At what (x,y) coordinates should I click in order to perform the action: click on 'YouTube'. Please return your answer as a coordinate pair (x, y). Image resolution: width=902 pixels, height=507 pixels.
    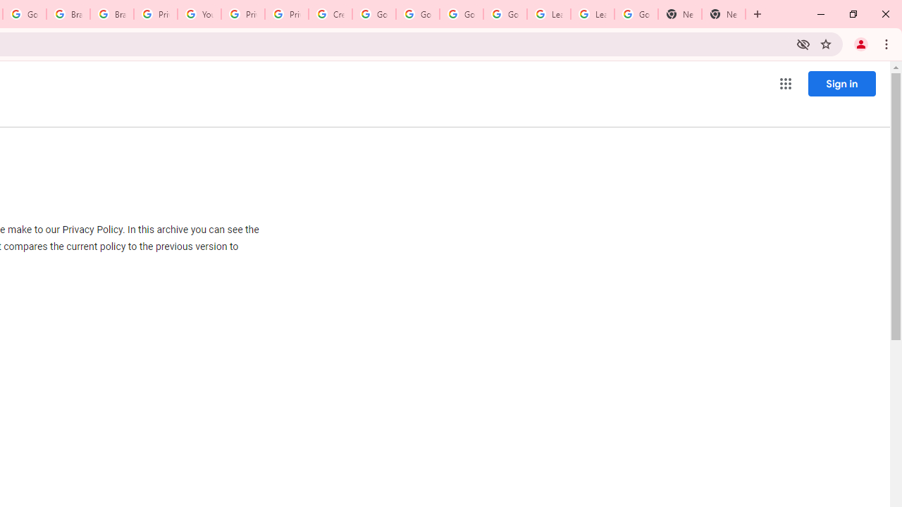
    Looking at the image, I should click on (198, 14).